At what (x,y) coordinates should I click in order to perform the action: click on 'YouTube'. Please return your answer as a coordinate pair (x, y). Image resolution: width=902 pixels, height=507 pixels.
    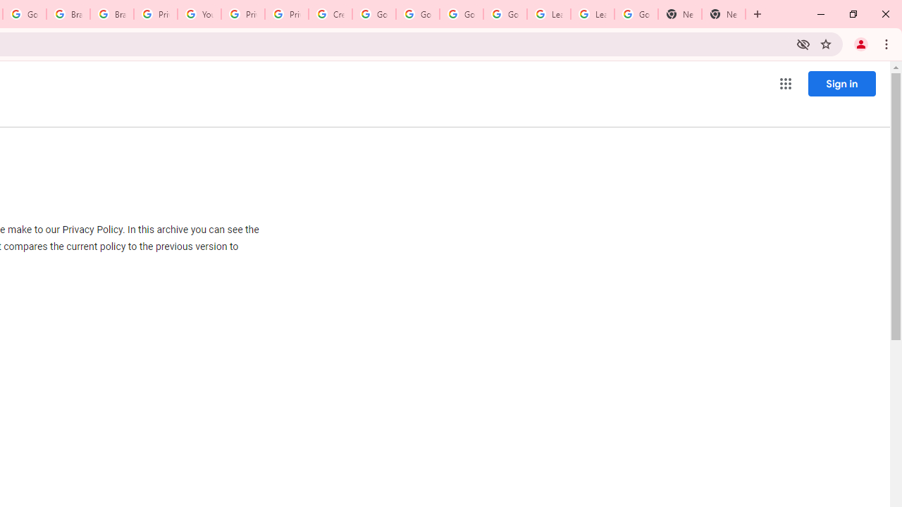
    Looking at the image, I should click on (198, 14).